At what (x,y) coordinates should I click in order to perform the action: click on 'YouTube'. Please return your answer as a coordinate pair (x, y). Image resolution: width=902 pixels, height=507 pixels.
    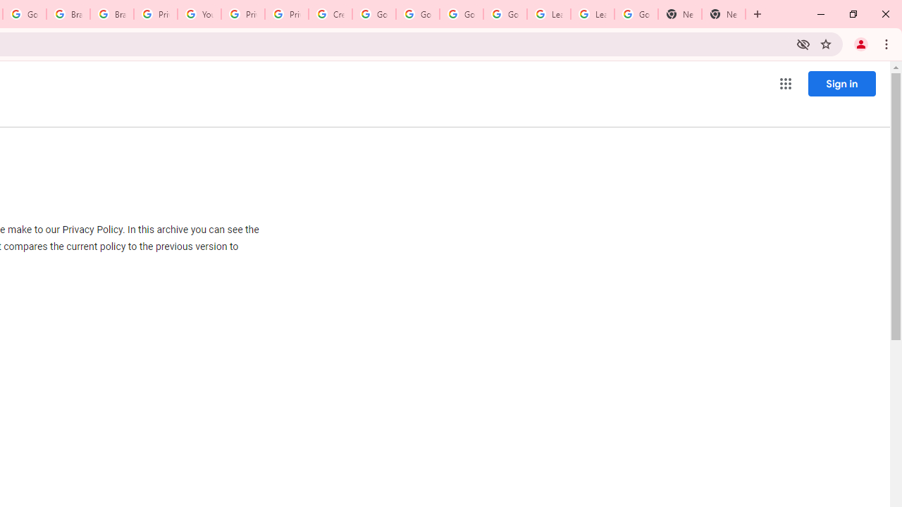
    Looking at the image, I should click on (198, 14).